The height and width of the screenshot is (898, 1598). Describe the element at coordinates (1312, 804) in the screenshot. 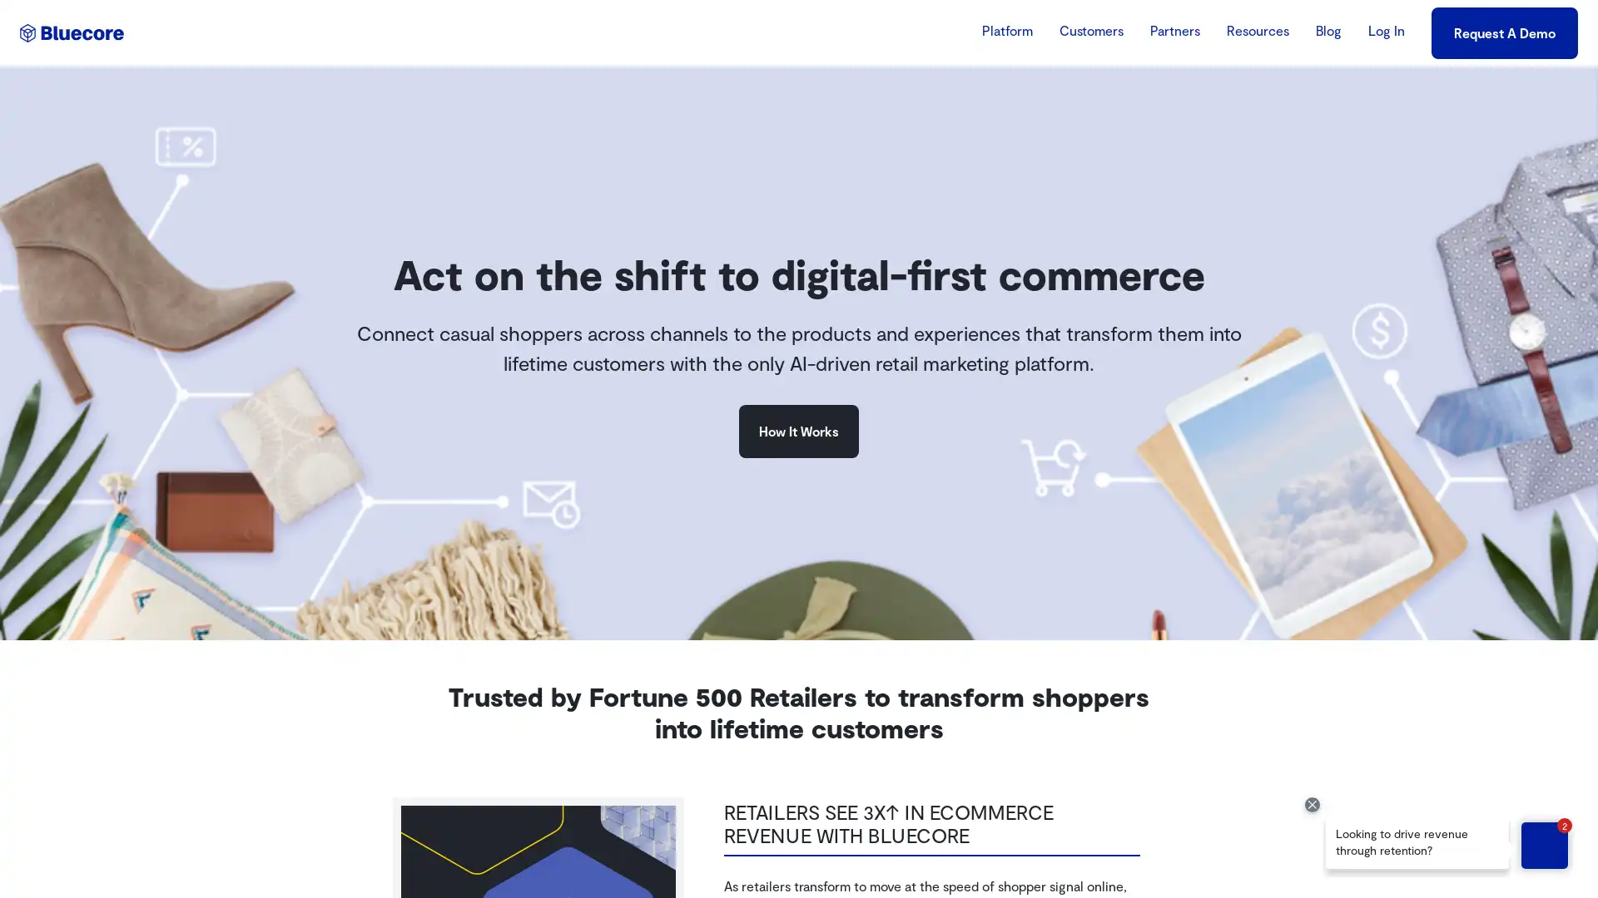

I see `Close Drift Widget messenger preview overlay` at that location.